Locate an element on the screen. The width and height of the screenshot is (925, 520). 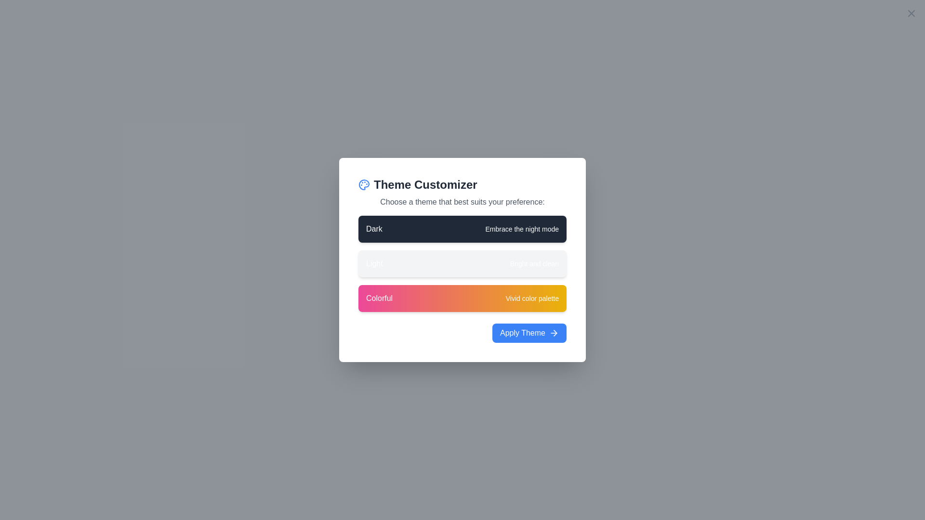
section heading text 'Theme Customizer', which is a bold, large header in dark gray color located at the top of the inner card interface is located at coordinates (462, 185).